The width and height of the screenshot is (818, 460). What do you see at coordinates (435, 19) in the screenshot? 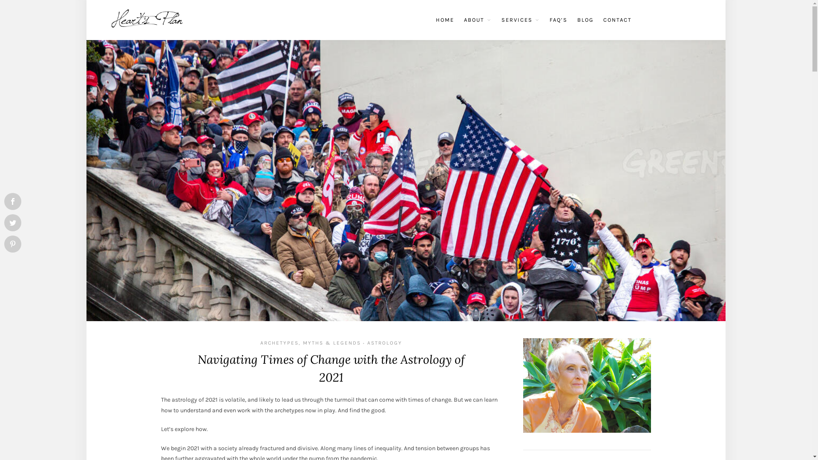
I see `'HOME'` at bounding box center [435, 19].